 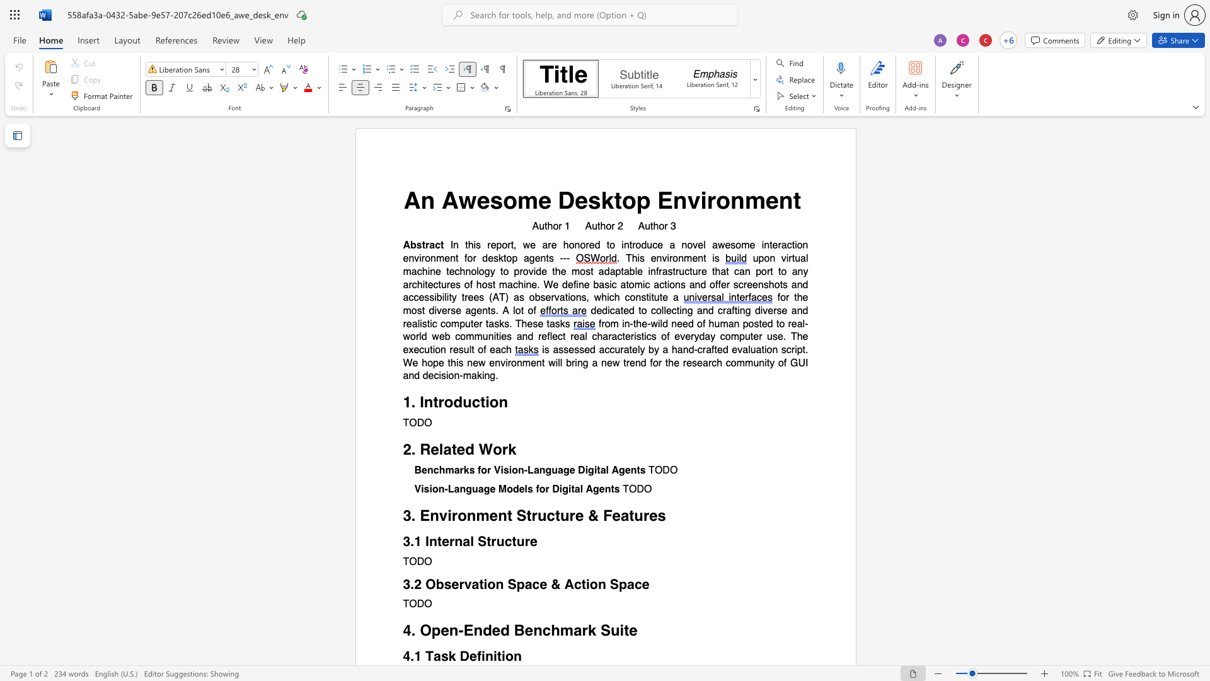 I want to click on the 1th character "s" in the text, so click(x=495, y=199).